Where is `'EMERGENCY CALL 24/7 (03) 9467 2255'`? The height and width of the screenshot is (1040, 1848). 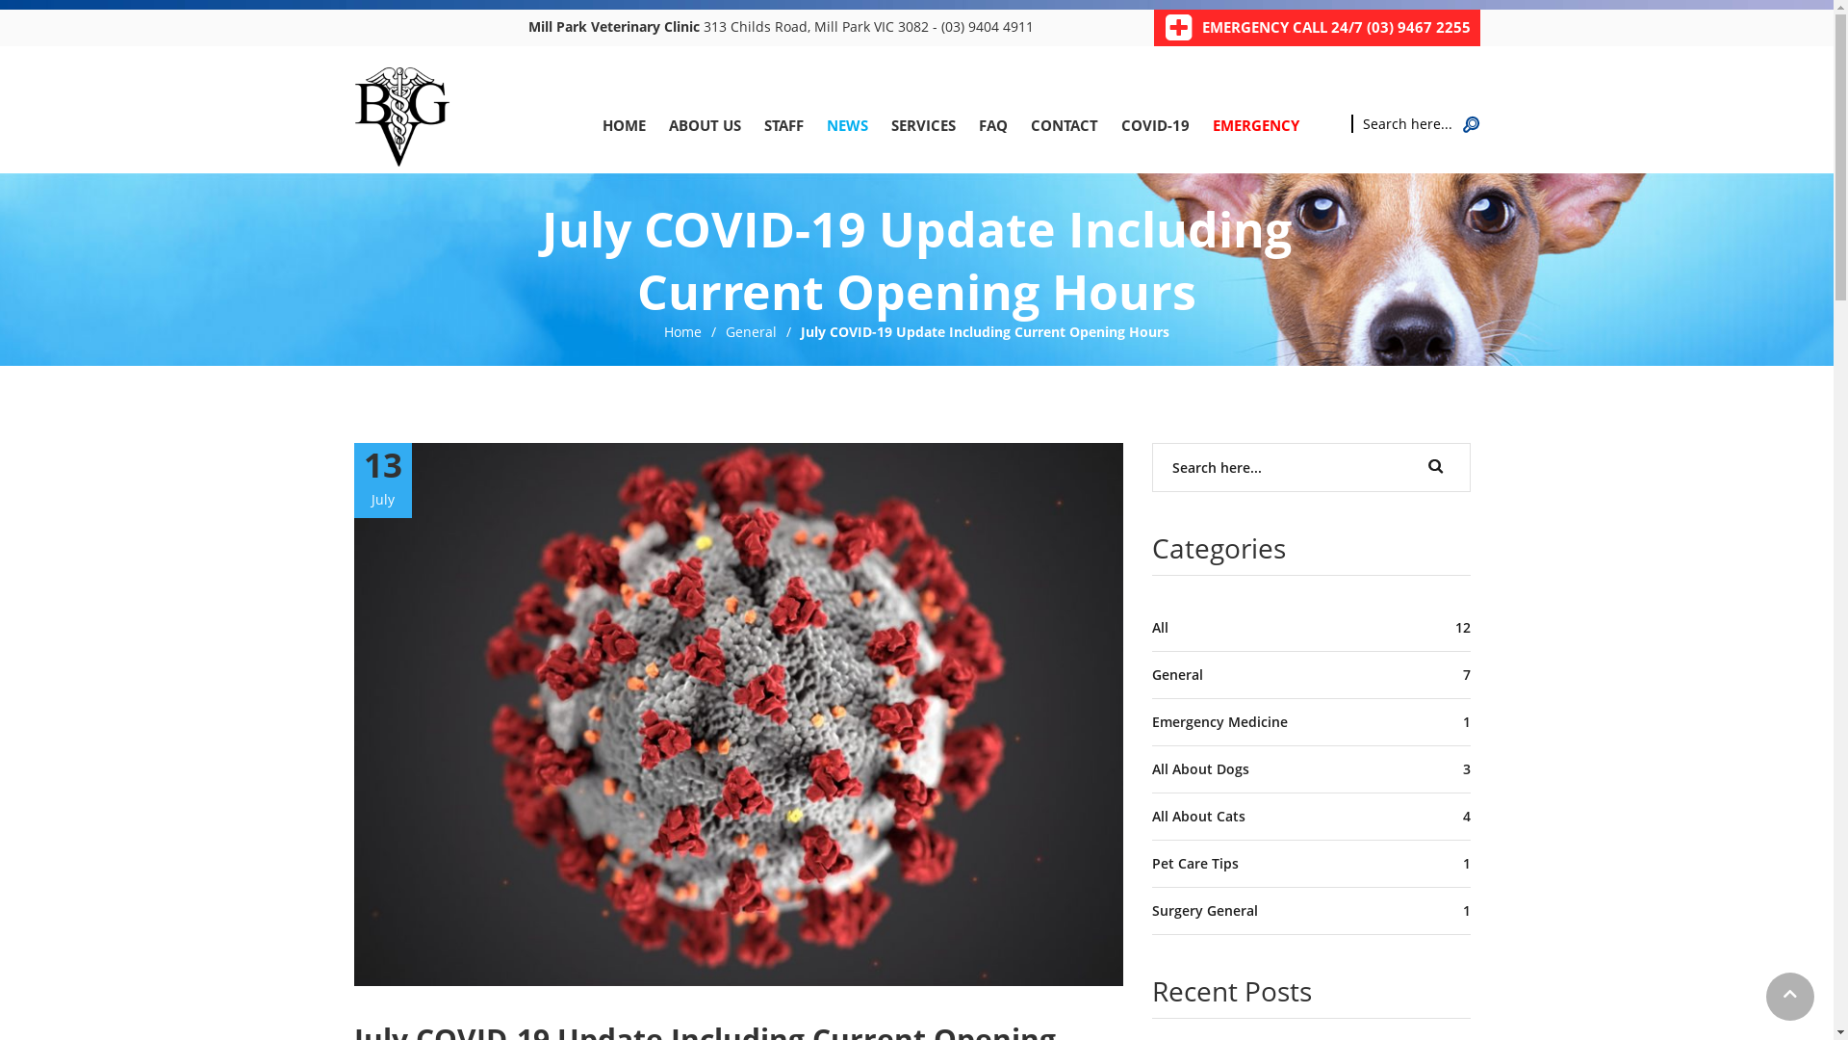
'EMERGENCY CALL 24/7 (03) 9467 2255' is located at coordinates (1334, 26).